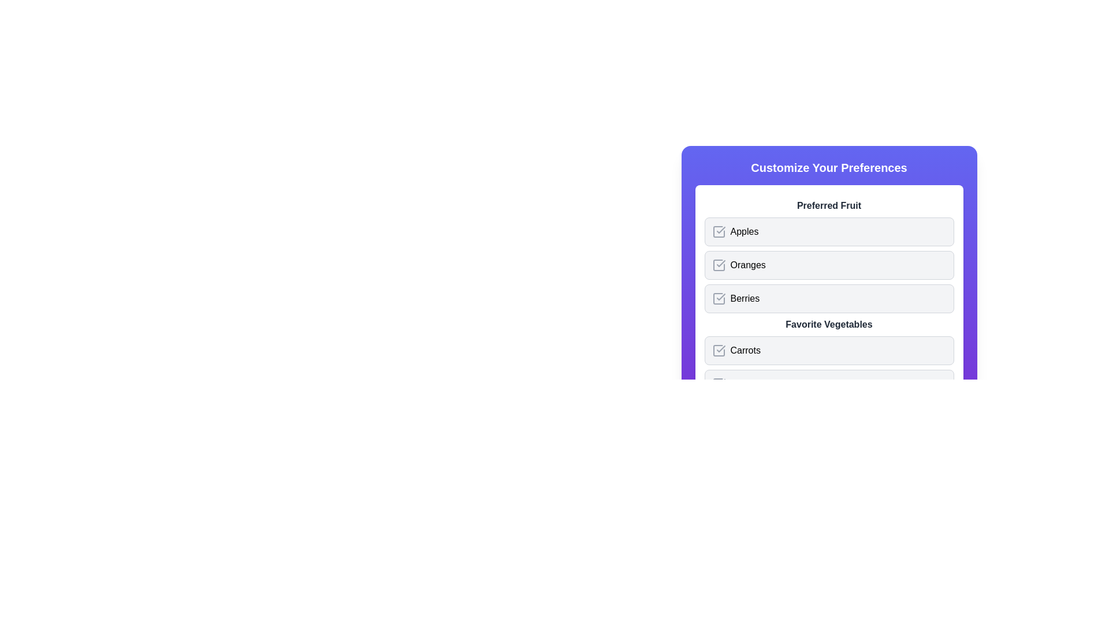 This screenshot has width=1109, height=623. Describe the element at coordinates (828, 255) in the screenshot. I see `the 'Oranges' checkbox list item in the 'Preferred Fruit' section of the 'Customize Your Preferences' card` at that location.